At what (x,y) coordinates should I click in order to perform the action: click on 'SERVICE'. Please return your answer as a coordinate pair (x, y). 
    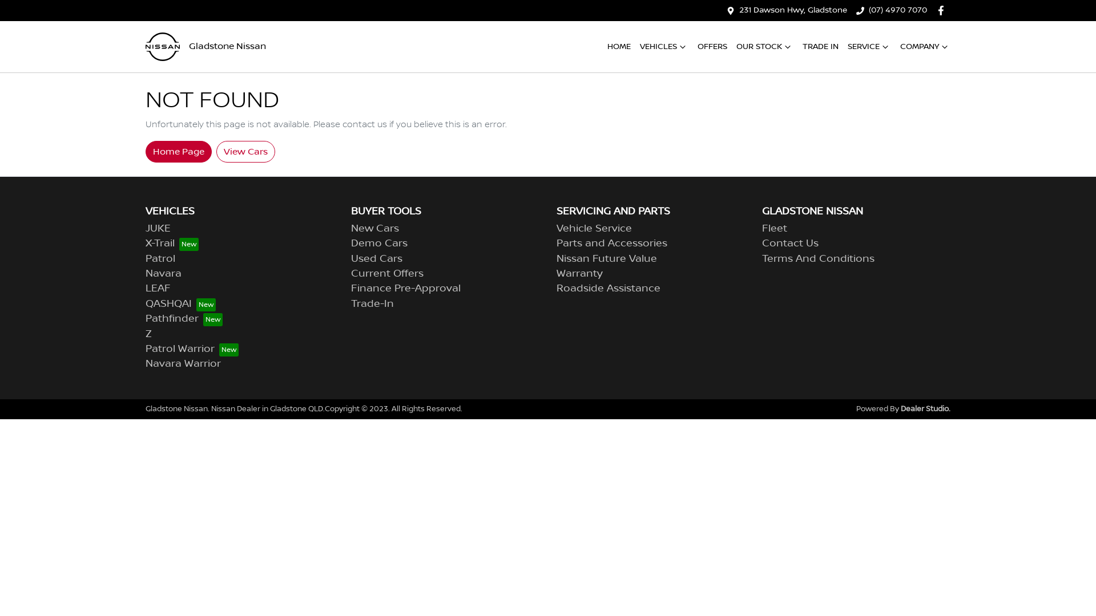
    Looking at the image, I should click on (868, 46).